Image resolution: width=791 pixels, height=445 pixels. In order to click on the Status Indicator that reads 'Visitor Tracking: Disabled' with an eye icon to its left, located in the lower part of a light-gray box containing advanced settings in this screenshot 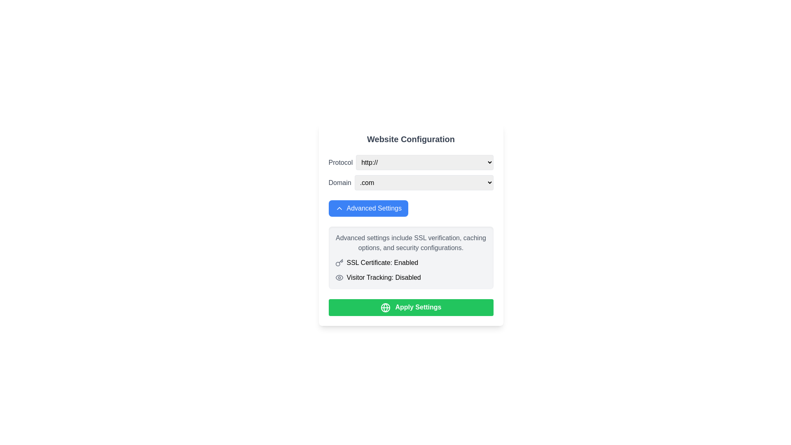, I will do `click(411, 278)`.